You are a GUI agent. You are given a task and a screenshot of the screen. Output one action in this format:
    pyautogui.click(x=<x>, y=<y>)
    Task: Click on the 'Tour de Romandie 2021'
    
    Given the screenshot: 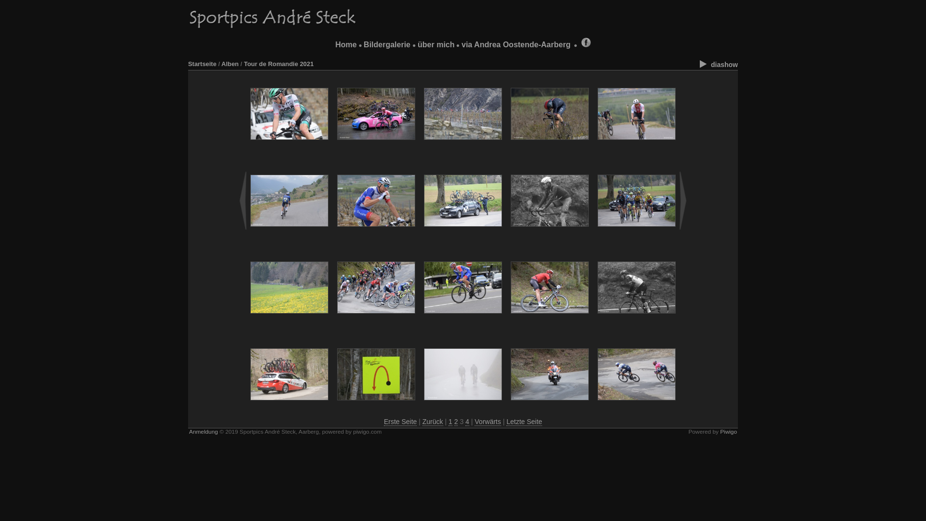 What is the action you would take?
    pyautogui.click(x=278, y=64)
    